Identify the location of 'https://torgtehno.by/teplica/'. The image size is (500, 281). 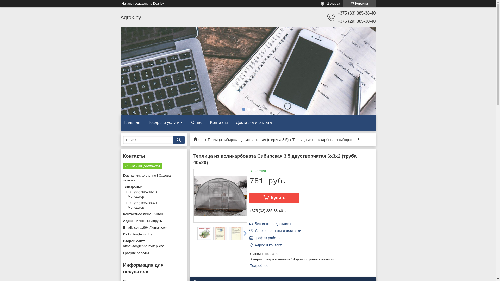
(122, 246).